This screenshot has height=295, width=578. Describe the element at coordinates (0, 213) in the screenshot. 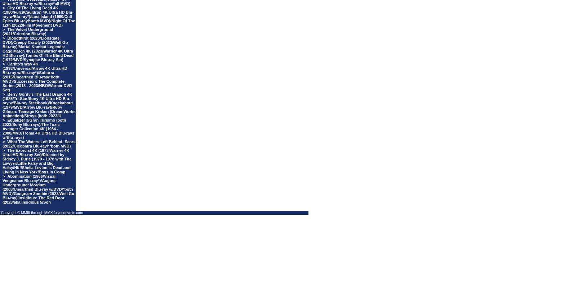

I see `'Copyright © MMIII through MMX fulvuedrive-in.com'` at that location.